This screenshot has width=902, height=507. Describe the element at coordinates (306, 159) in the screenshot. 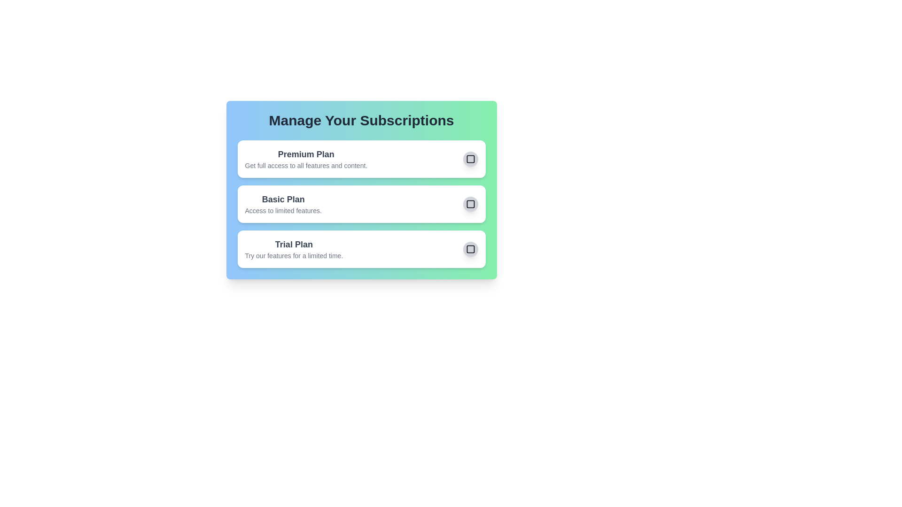

I see `the 'Premium Plan' text block, which is the first entry in the vertical list of subscription plans, displayed on a card-like structure with a white background and rounded corners` at that location.